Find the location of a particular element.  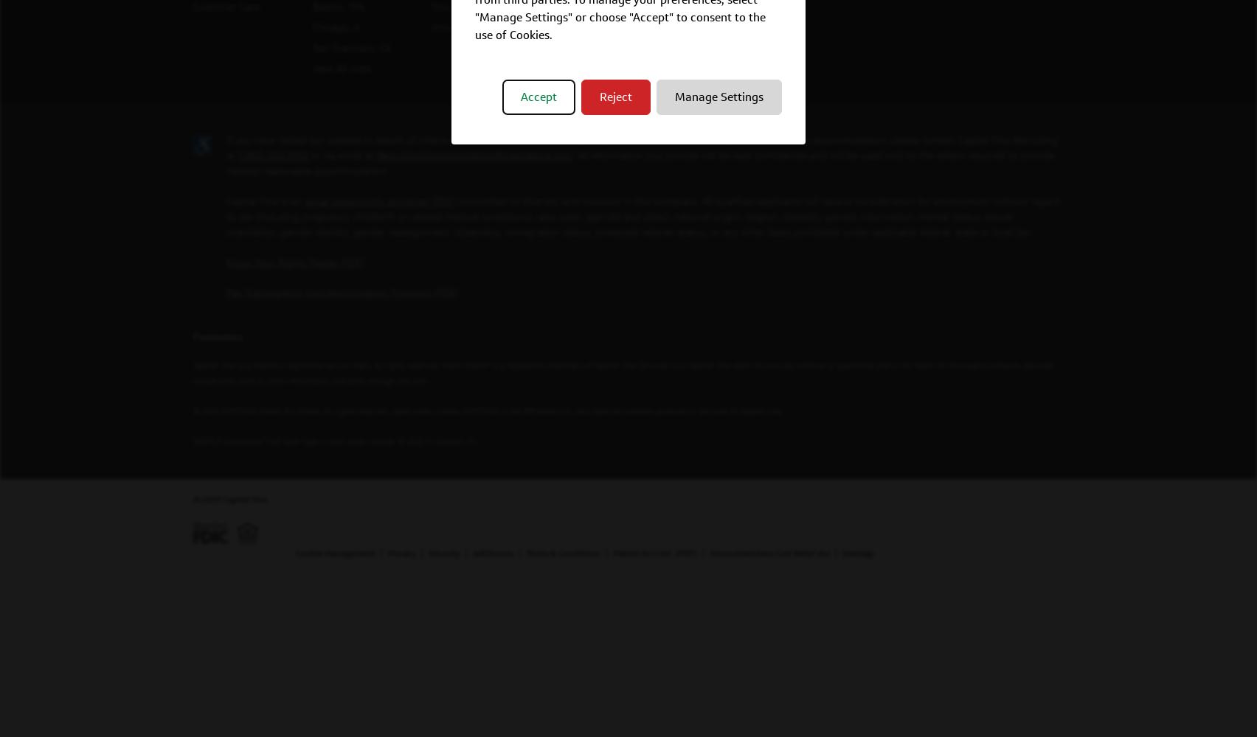

'San Francisco, CA' is located at coordinates (351, 46).